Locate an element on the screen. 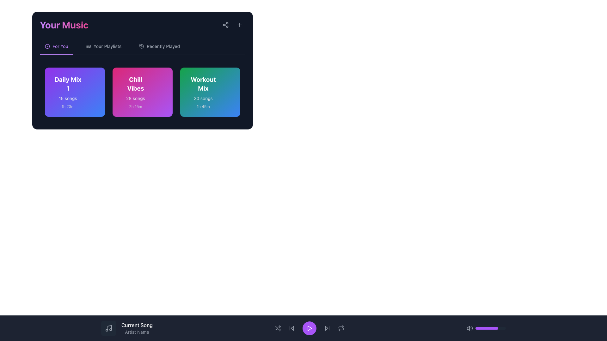 The image size is (607, 341). text indicating the total duration of music in the 'Chill Vibes' playlist, located at the bottom of the card and below the text '28 songs' is located at coordinates (135, 106).